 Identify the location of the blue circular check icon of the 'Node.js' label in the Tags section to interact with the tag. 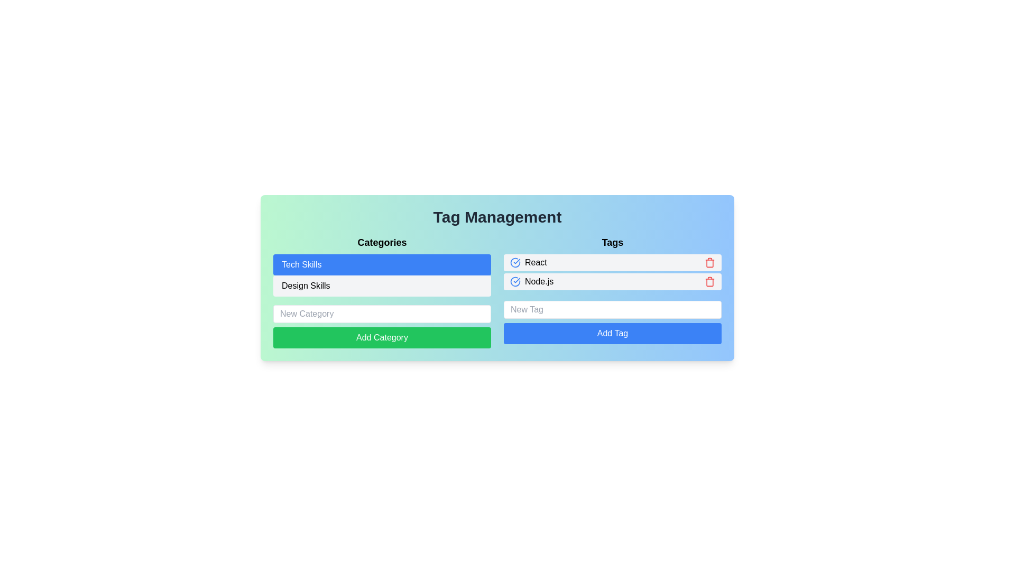
(532, 281).